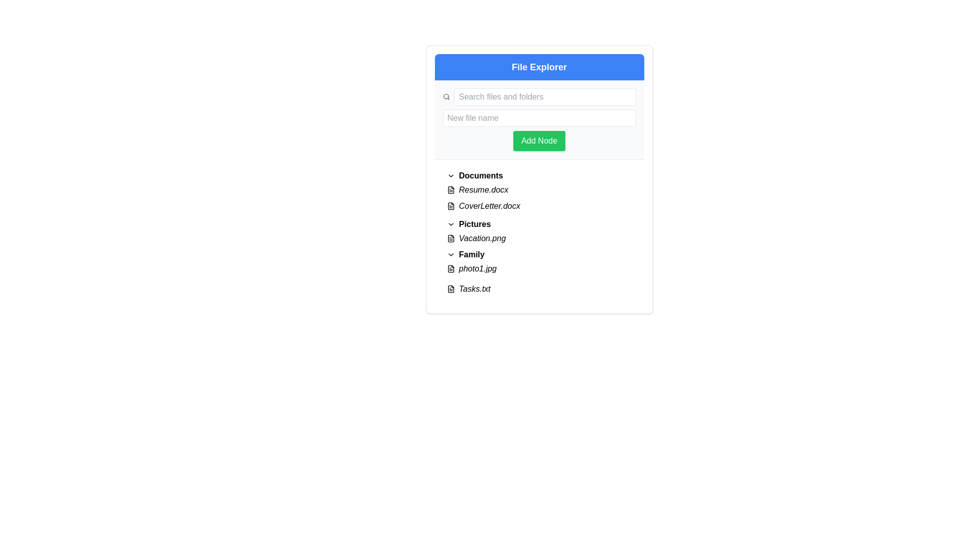  What do you see at coordinates (450, 268) in the screenshot?
I see `the file icon representing 'photo1.jpg' located within the file explorer interface, adjacent to the text label 'photo1.jpg' under the 'Family' label` at bounding box center [450, 268].